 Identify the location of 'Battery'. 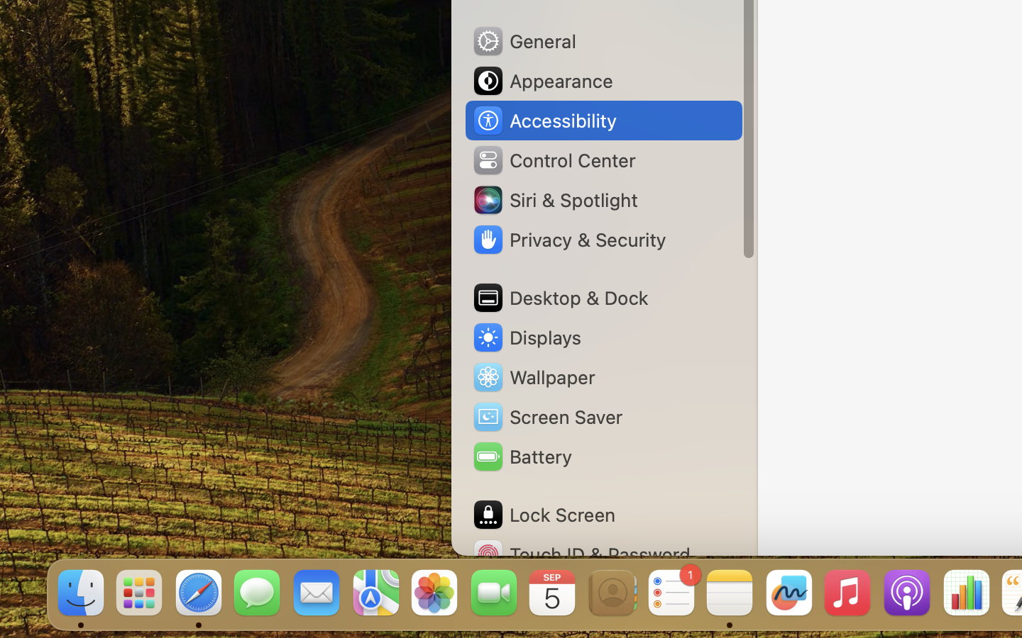
(520, 457).